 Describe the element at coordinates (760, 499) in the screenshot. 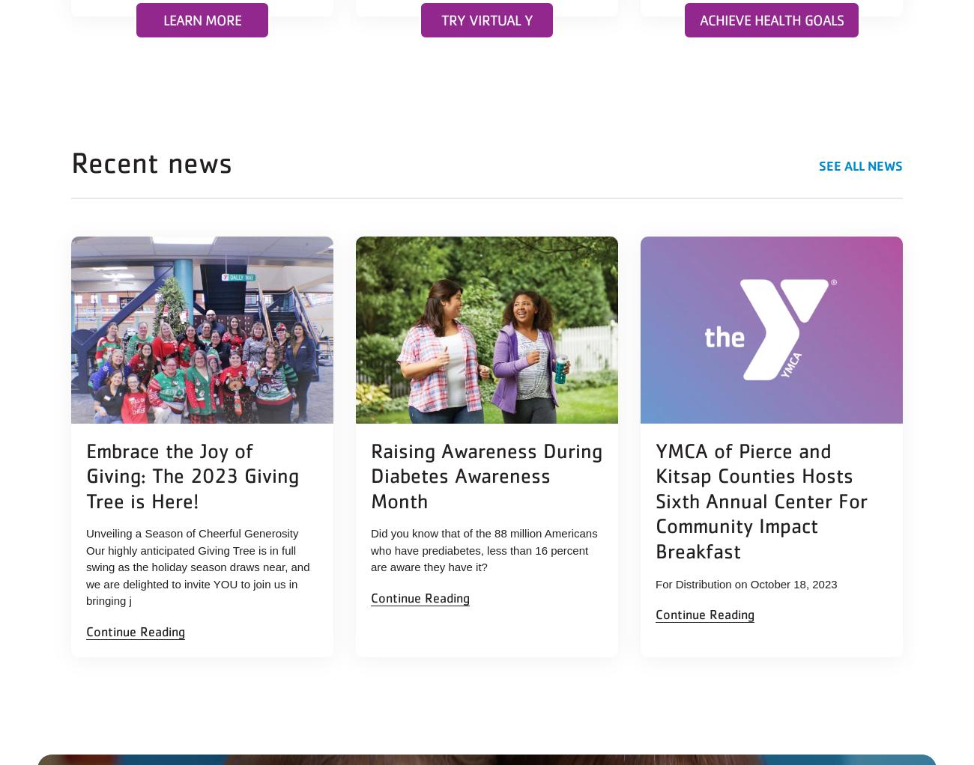

I see `'YMCA of Pierce and Kitsap Counties Hosts Sixth Annual Center For Community Impact Breakfast'` at that location.